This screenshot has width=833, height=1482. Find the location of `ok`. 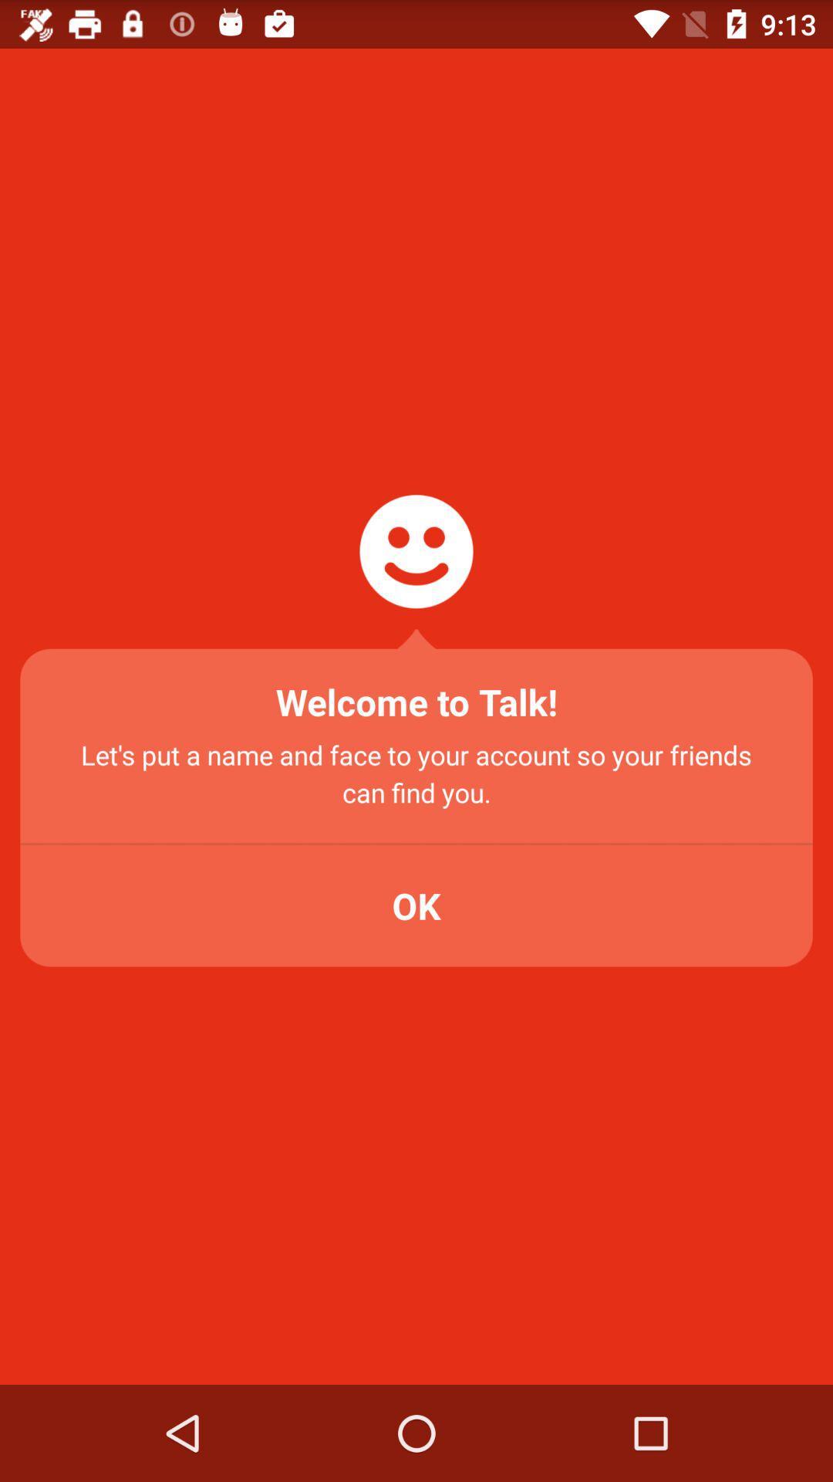

ok is located at coordinates (416, 905).